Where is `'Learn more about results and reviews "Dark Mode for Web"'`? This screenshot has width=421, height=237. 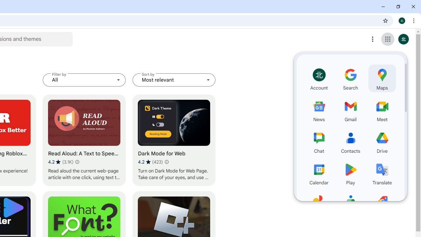
'Learn more about results and reviews "Dark Mode for Web"' is located at coordinates (166, 162).